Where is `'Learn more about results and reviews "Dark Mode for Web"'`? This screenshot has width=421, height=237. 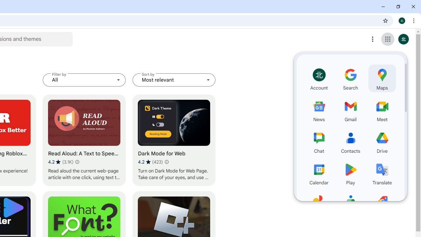
'Learn more about results and reviews "Dark Mode for Web"' is located at coordinates (166, 162).